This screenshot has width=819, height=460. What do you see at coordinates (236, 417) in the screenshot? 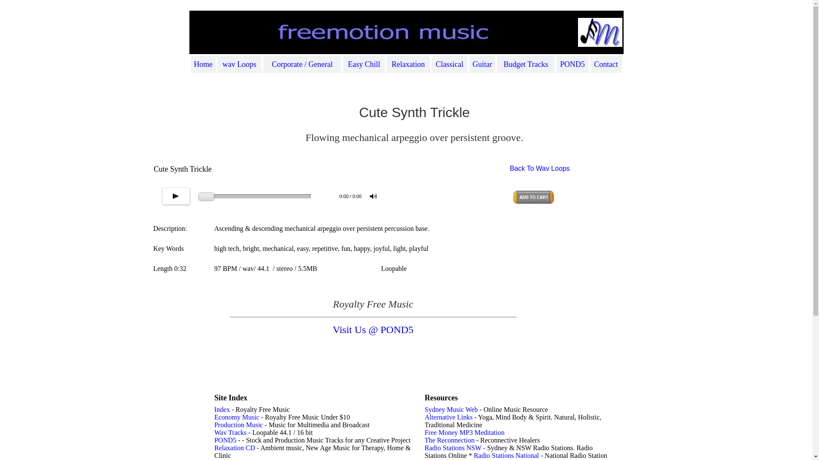
I see `'Economy Music'` at bounding box center [236, 417].